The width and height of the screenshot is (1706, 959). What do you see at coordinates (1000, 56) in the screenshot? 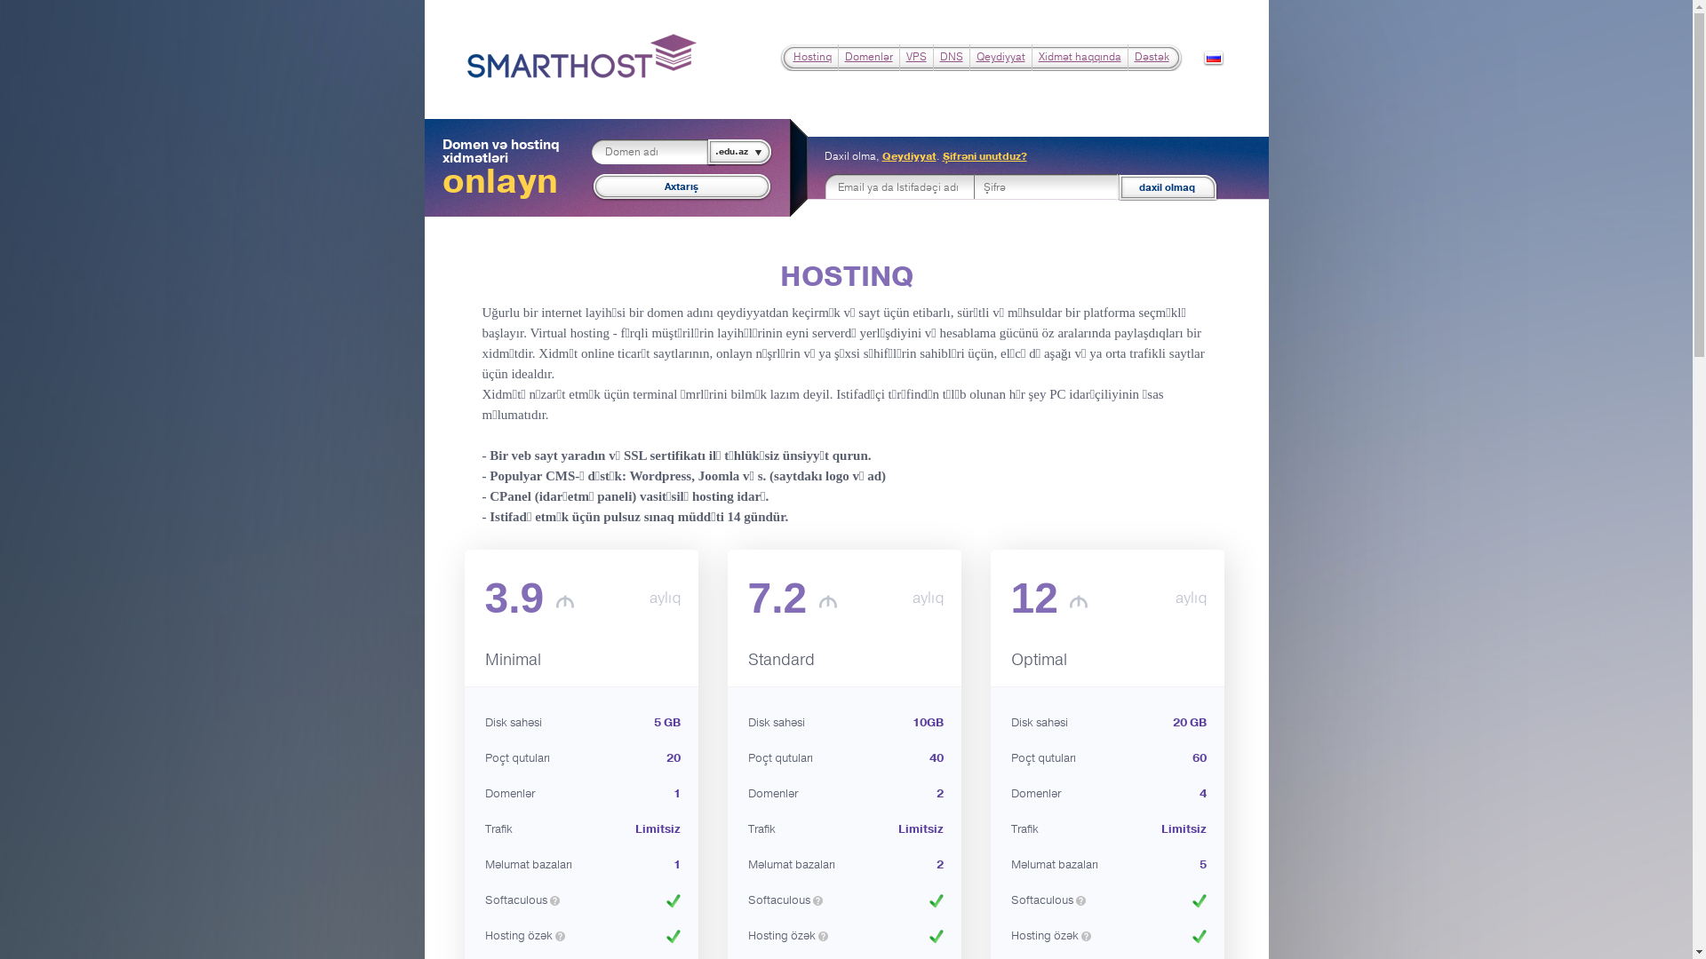
I see `'Qeydiyyat'` at bounding box center [1000, 56].